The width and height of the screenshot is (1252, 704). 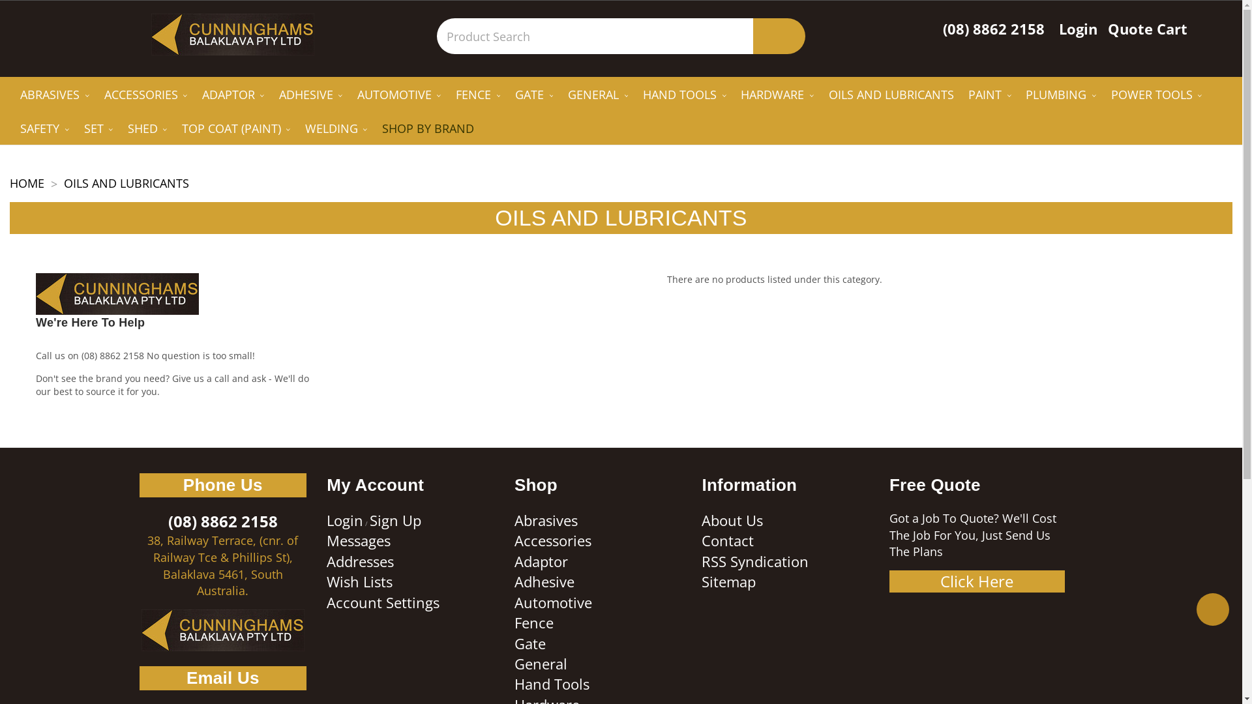 I want to click on 'Sign Up', so click(x=395, y=520).